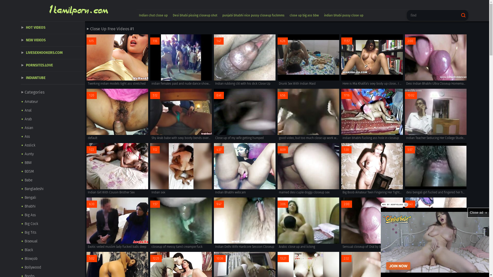 The image size is (493, 277). What do you see at coordinates (21, 78) in the screenshot?
I see `'INDIANTUBE'` at bounding box center [21, 78].